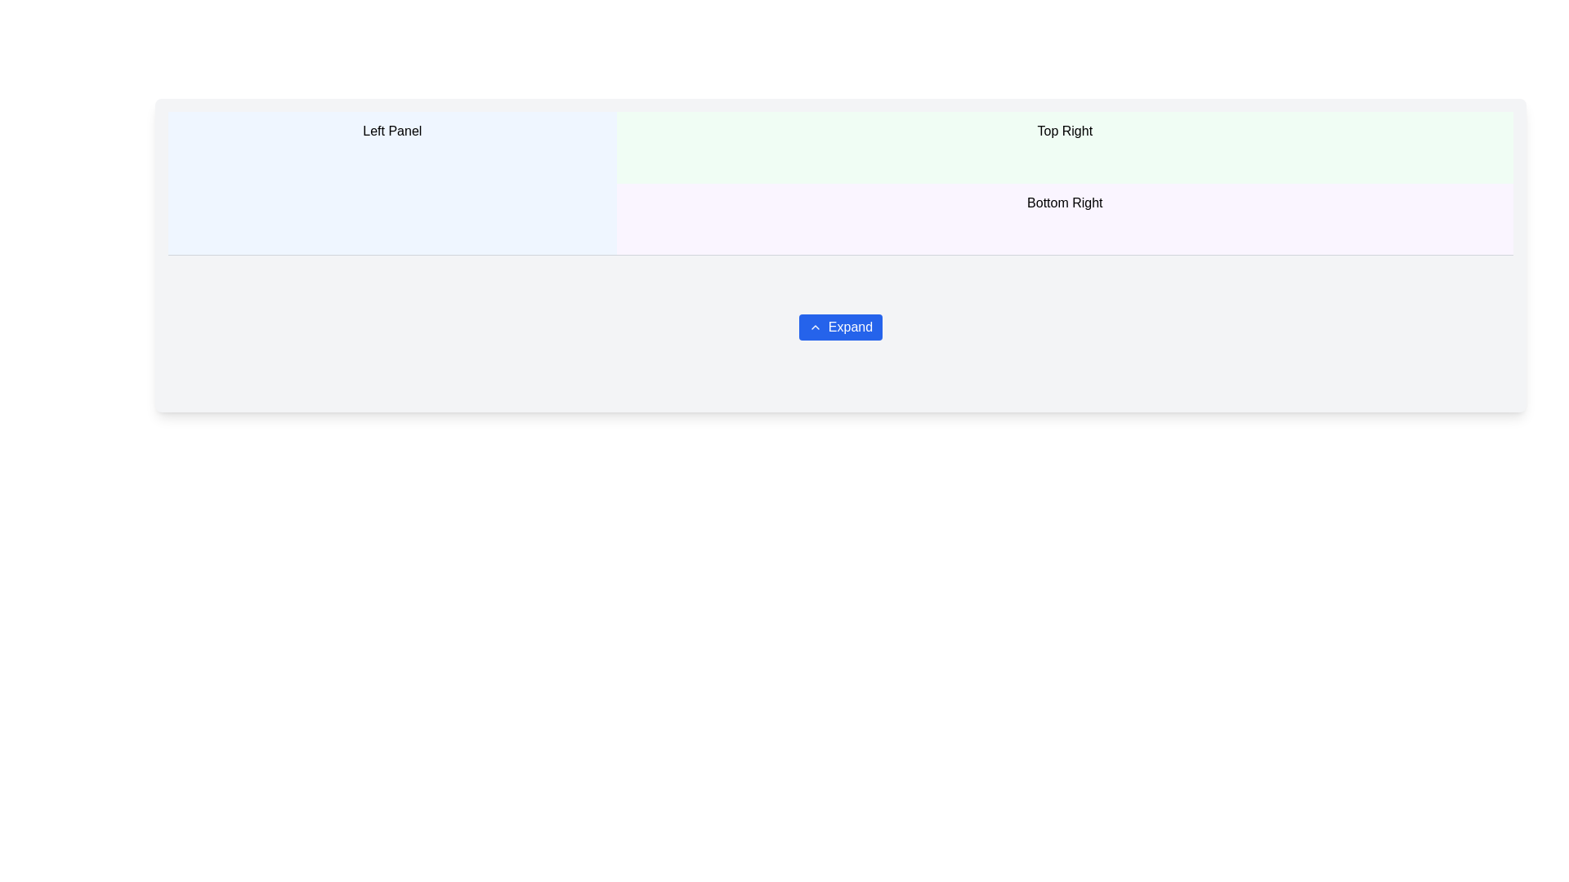 The image size is (1569, 882). I want to click on the expansion icon located within the 'Expand' button, which is positioned to the left of the text 'Expand' in a blue rectangular button, so click(815, 327).